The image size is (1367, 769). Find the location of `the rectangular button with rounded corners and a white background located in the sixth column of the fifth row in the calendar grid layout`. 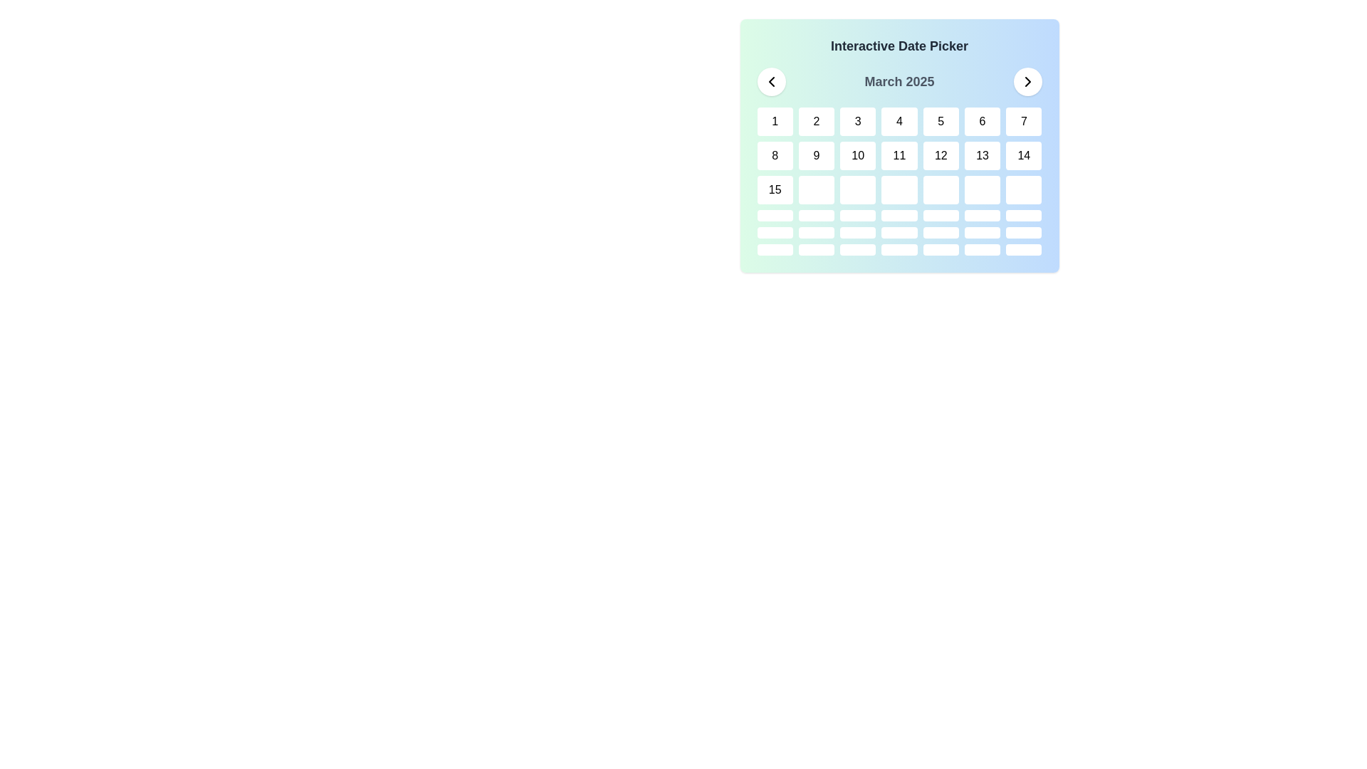

the rectangular button with rounded corners and a white background located in the sixth column of the fifth row in the calendar grid layout is located at coordinates (817, 232).